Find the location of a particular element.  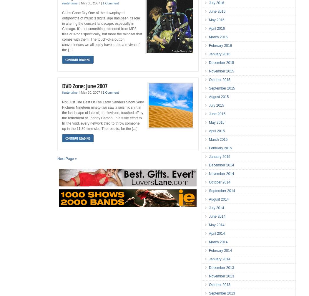

'October 2014' is located at coordinates (219, 182).